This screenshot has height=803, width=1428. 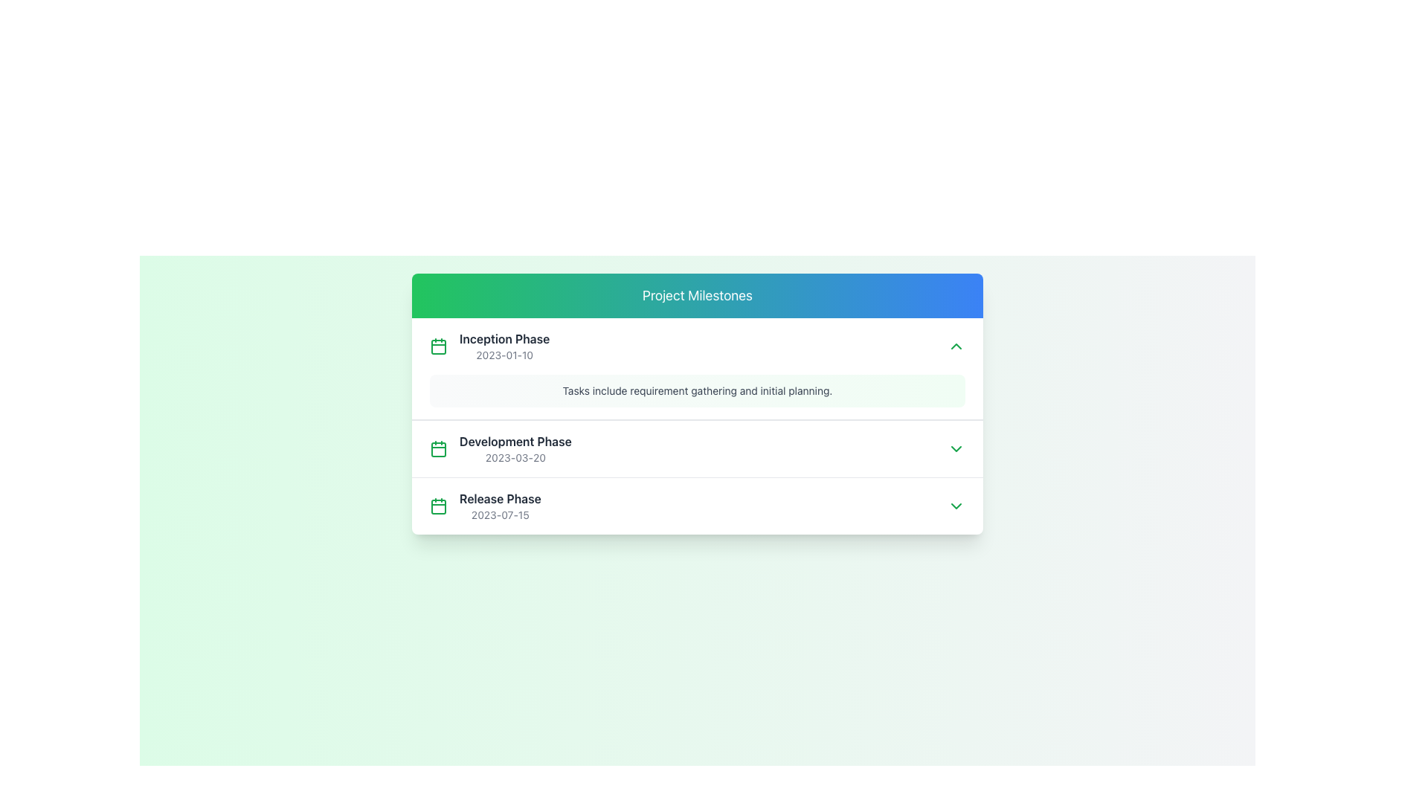 I want to click on the title label for the topmost milestone entry, which is positioned to the right of a green calendar icon and above the date '2023-01-10', so click(x=504, y=338).